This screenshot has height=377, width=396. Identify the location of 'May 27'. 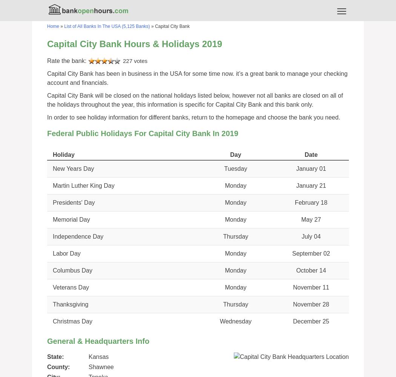
(310, 219).